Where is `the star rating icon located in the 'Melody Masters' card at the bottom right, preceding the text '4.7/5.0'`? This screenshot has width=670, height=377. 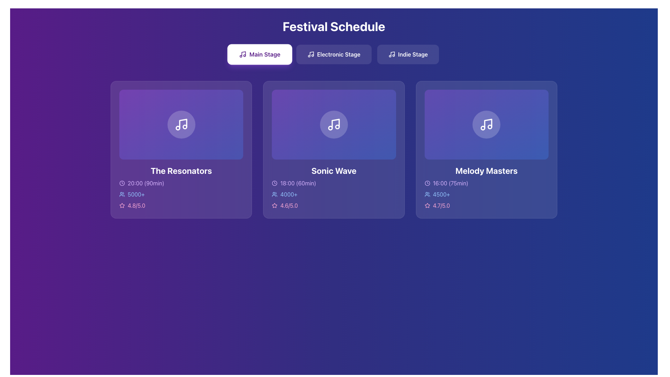
the star rating icon located in the 'Melody Masters' card at the bottom right, preceding the text '4.7/5.0' is located at coordinates (427, 205).